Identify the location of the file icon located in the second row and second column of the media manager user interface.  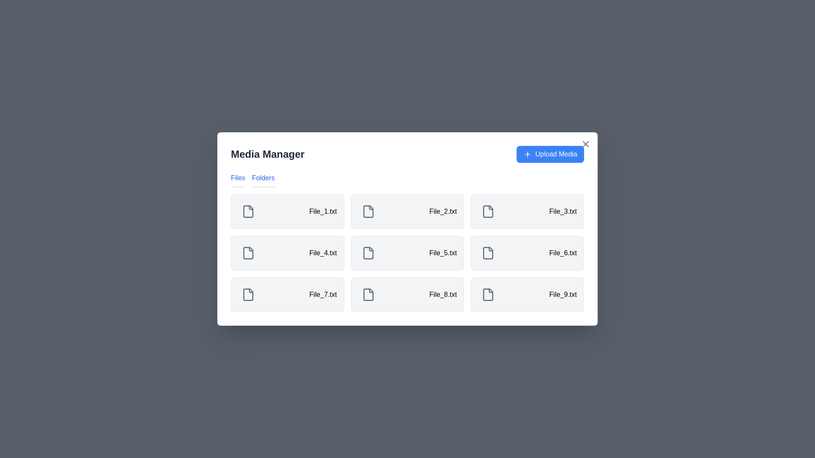
(368, 253).